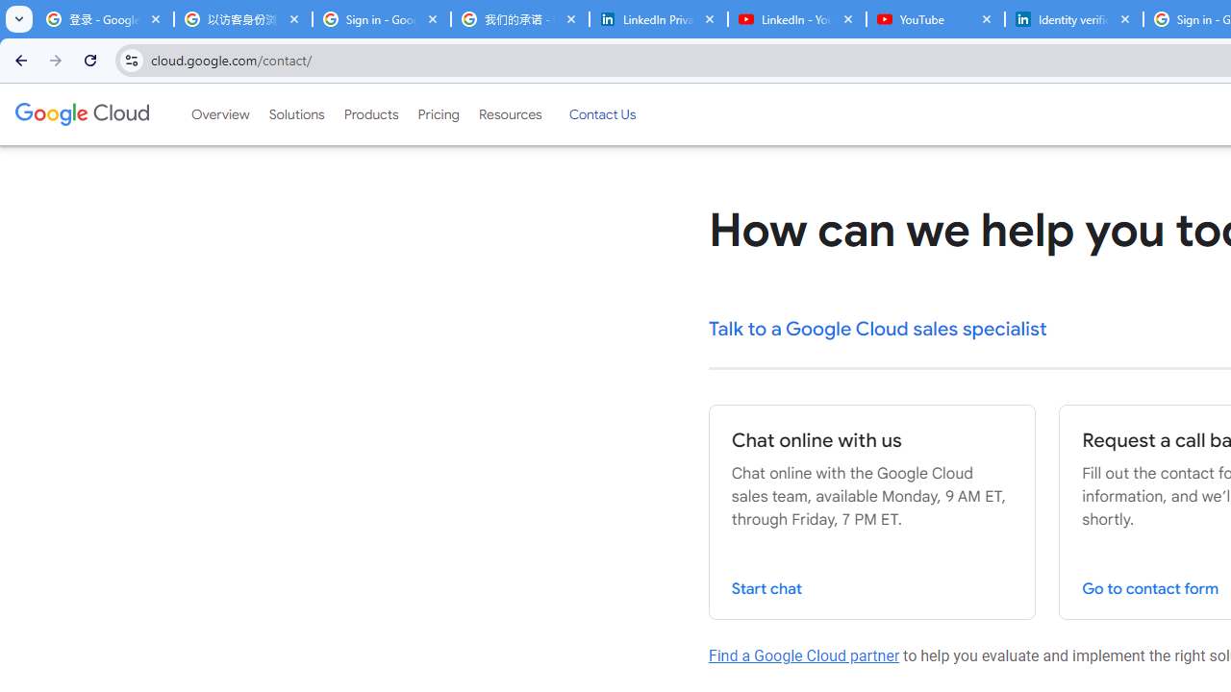  I want to click on 'LinkedIn Privacy Policy', so click(658, 19).